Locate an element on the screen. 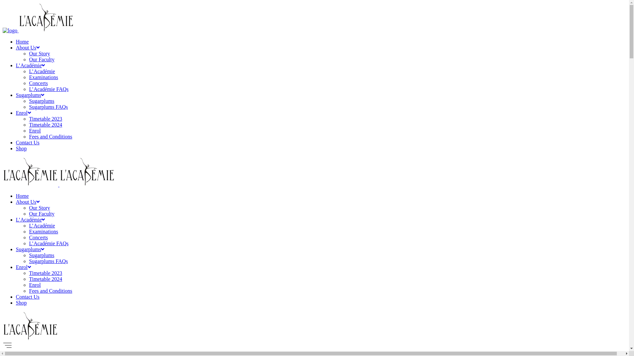 The image size is (634, 356). 'Contact Us' is located at coordinates (27, 297).